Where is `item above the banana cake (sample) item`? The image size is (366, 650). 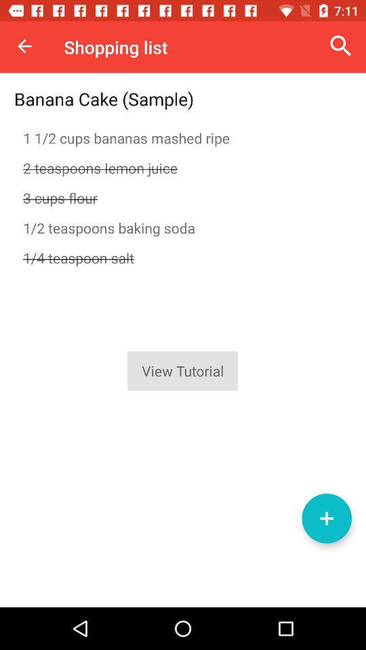 item above the banana cake (sample) item is located at coordinates (24, 46).